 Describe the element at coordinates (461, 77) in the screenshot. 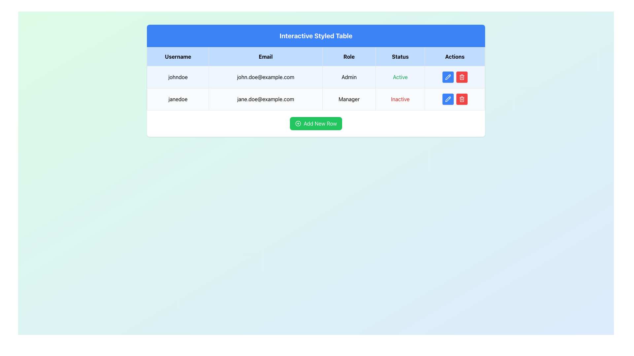

I see `the red trash icon button in the 'Actions' column of the second row` at that location.